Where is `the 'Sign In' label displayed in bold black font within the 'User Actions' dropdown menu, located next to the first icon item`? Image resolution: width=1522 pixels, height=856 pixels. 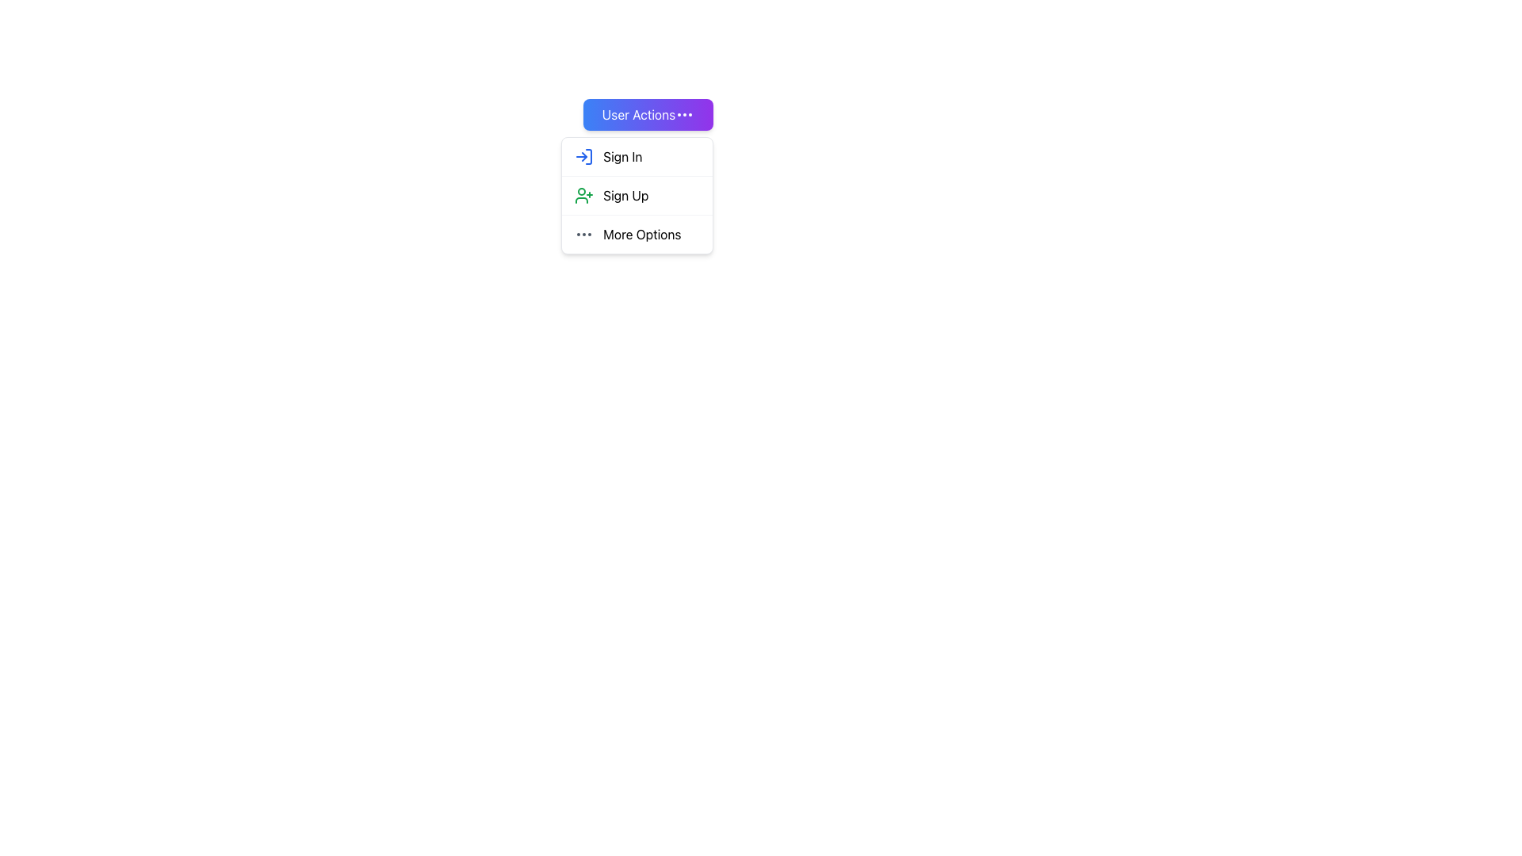
the 'Sign In' label displayed in bold black font within the 'User Actions' dropdown menu, located next to the first icon item is located at coordinates (621, 156).